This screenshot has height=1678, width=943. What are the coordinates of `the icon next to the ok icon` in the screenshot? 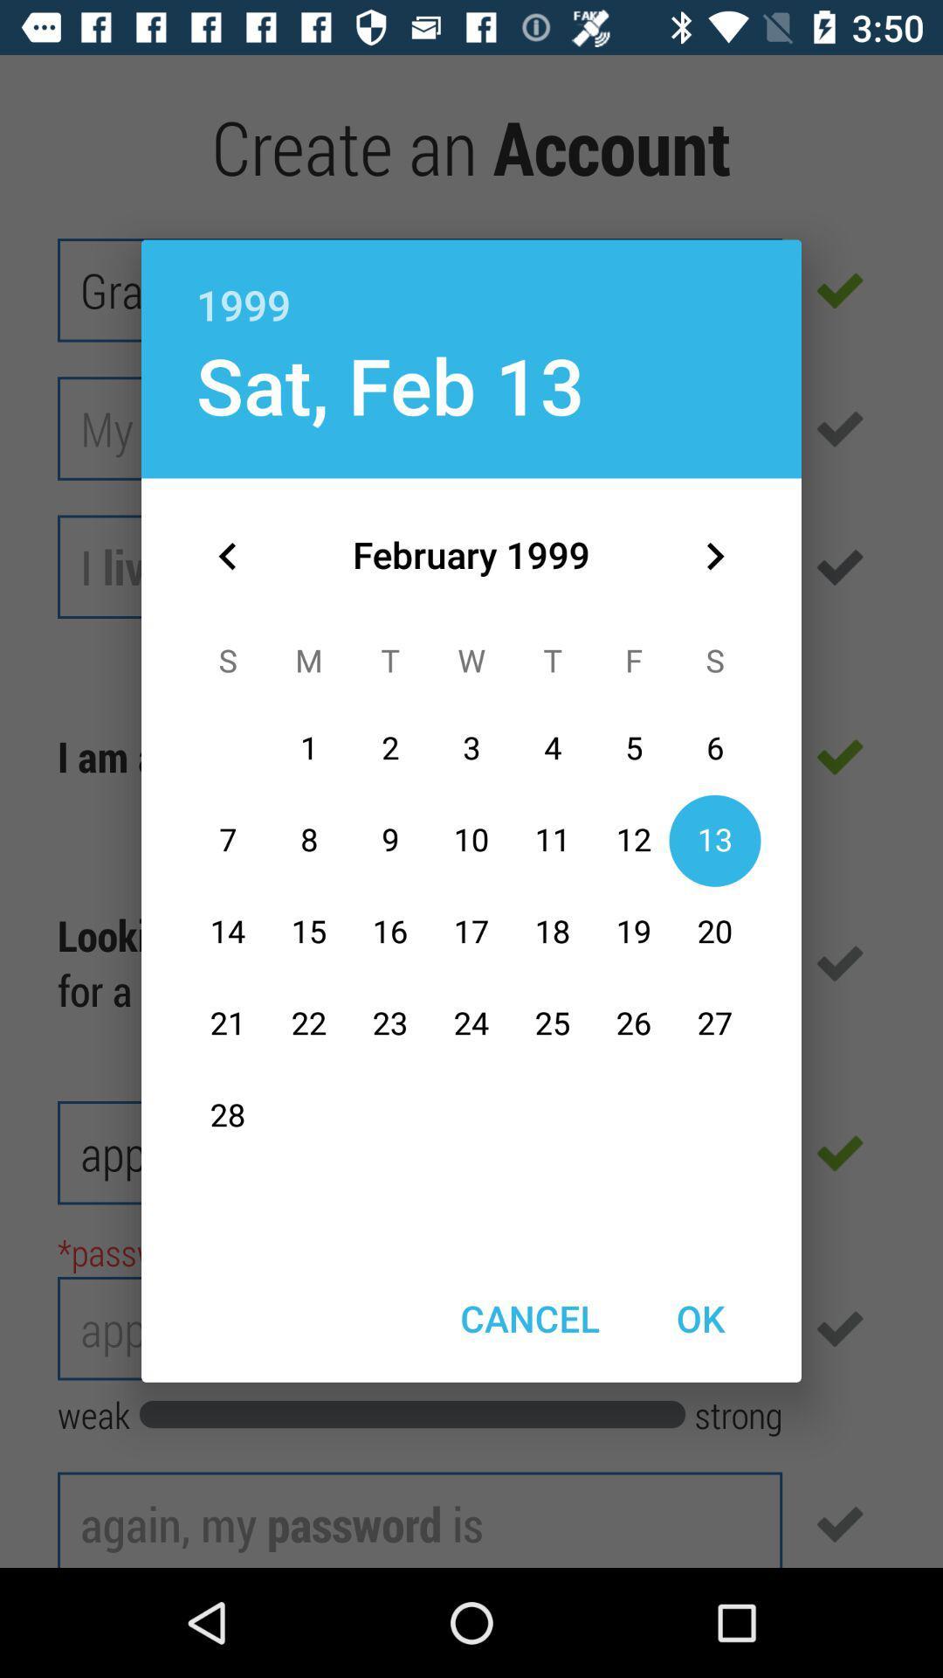 It's located at (529, 1318).